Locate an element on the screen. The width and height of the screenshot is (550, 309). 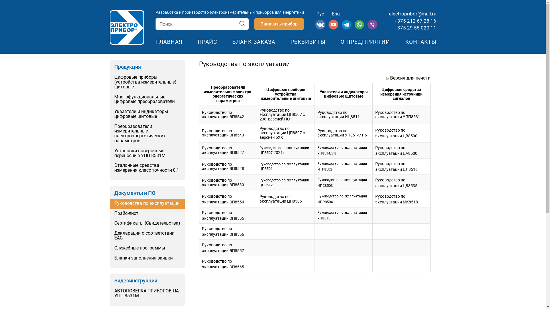
'+375 29 55 020 11' is located at coordinates (394, 27).